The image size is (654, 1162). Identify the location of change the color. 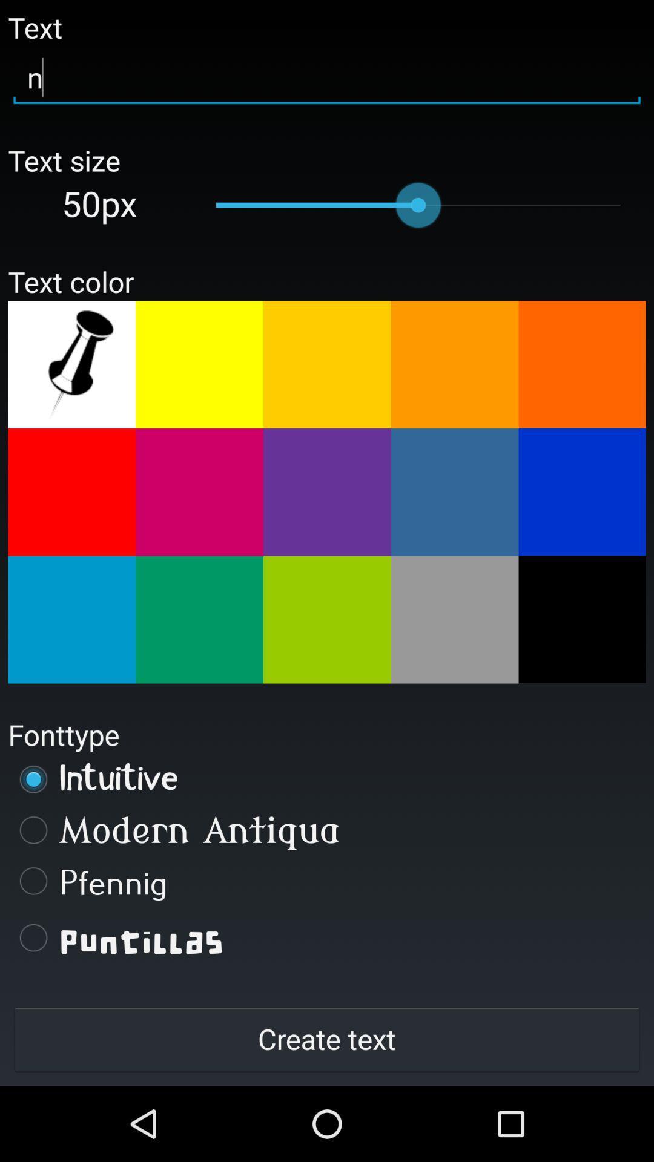
(327, 492).